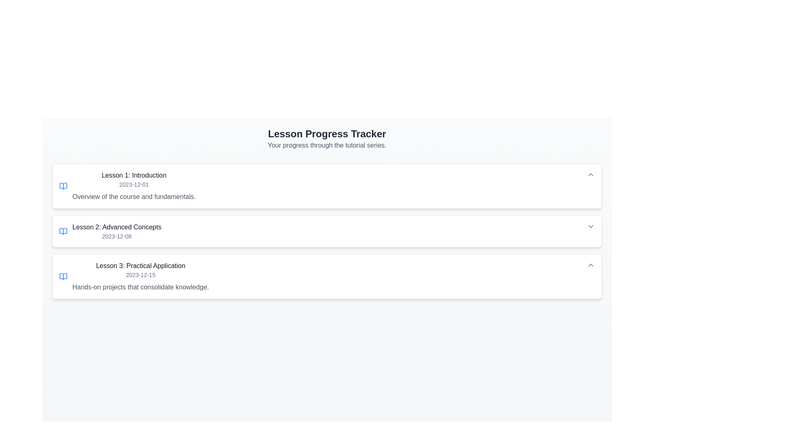 The width and height of the screenshot is (790, 444). Describe the element at coordinates (134, 175) in the screenshot. I see `the Static Text element displaying 'Lesson 1: Introduction', which is located at the top section of the first lesson card` at that location.